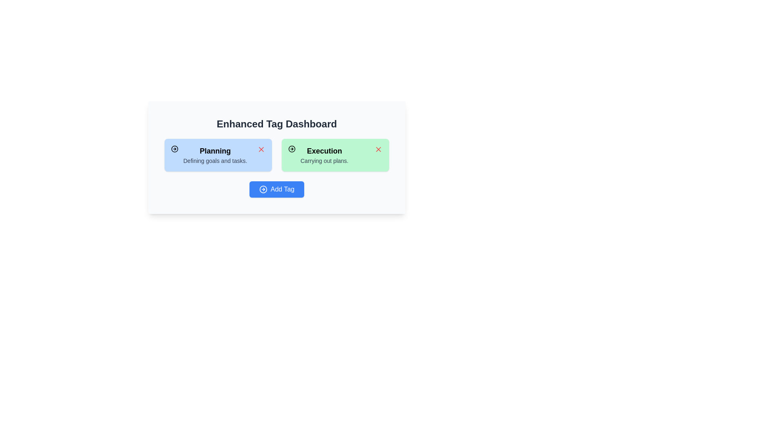 Image resolution: width=784 pixels, height=441 pixels. What do you see at coordinates (209, 155) in the screenshot?
I see `the 'Planning' text label with the circular arrow icon on the left and the red 'X' icon on the right, which is the first item in a horizontally aligned group of containers` at bounding box center [209, 155].